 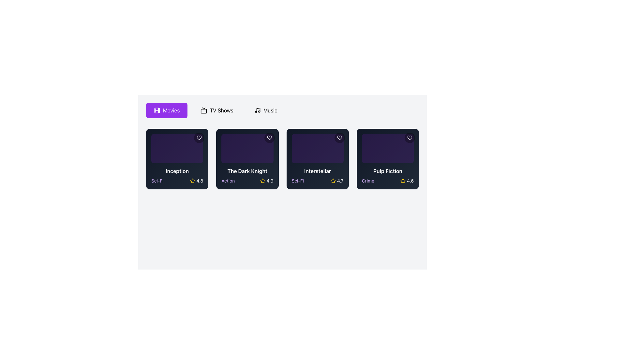 What do you see at coordinates (177, 170) in the screenshot?
I see `text label that displays the movie title 'Inception', which is prominently styled in bold white font against a dark gradient background, located in the bottom middle section of the first movie card` at bounding box center [177, 170].